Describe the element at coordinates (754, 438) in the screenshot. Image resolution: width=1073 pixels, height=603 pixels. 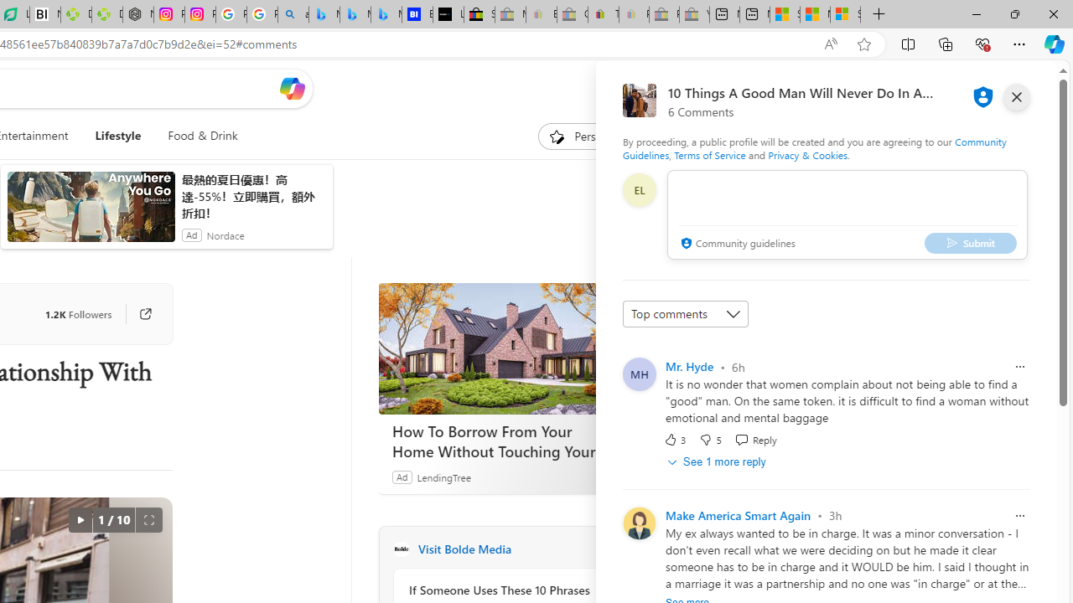
I see `'Reply Reply Comment'` at that location.